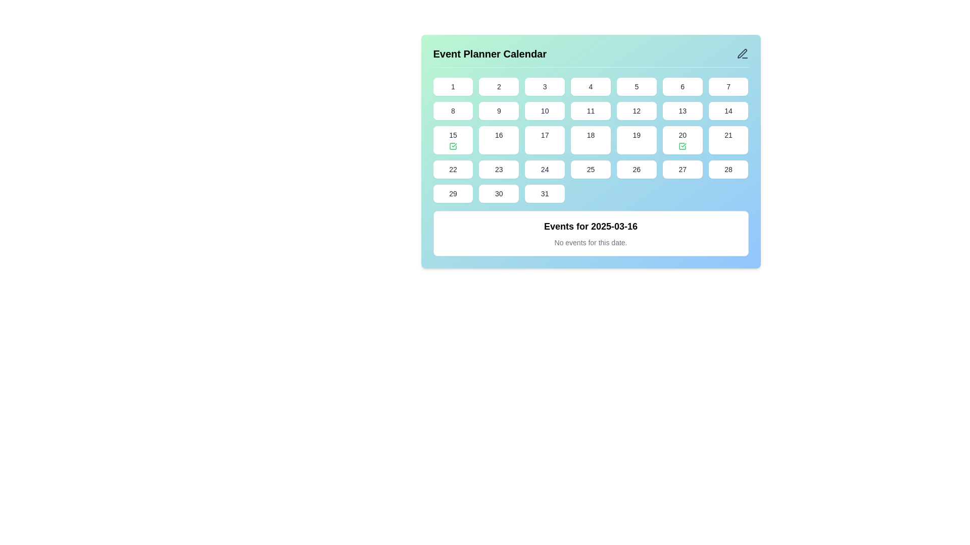 This screenshot has width=970, height=545. What do you see at coordinates (452, 194) in the screenshot?
I see `the calendar day element representing the 29th day in the grid layout, located in the last row and the first column of the calendar` at bounding box center [452, 194].